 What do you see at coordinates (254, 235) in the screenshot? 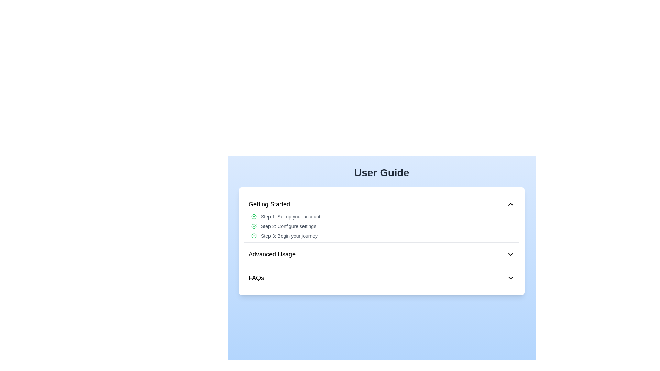
I see `the status of the completion icon for 'Step 3: Begin your journey,' which is the third checkmark icon in a vertical list located at the leftmost side of its corresponding step description` at bounding box center [254, 235].